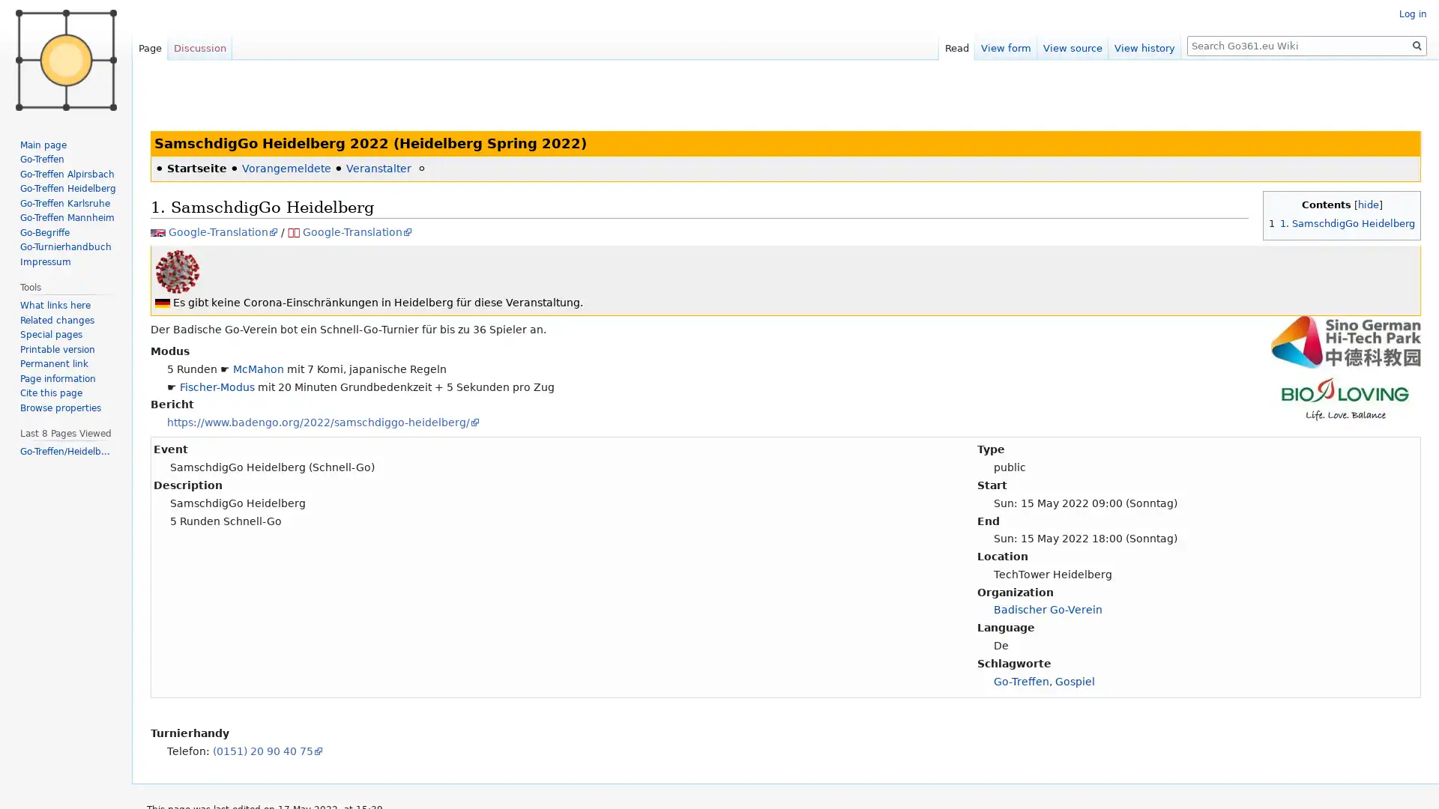 The image size is (1439, 809). What do you see at coordinates (1417, 45) in the screenshot?
I see `Go` at bounding box center [1417, 45].